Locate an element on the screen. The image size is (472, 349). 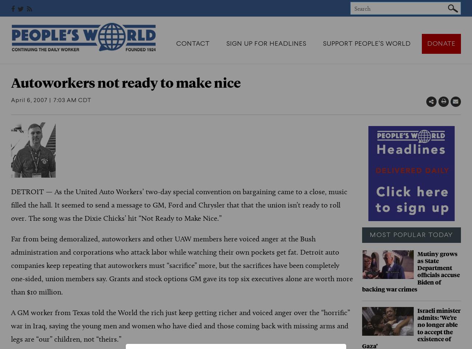
'Mutiny grows as State Department officials accuse Biden of backing war crimes' is located at coordinates (361, 271).